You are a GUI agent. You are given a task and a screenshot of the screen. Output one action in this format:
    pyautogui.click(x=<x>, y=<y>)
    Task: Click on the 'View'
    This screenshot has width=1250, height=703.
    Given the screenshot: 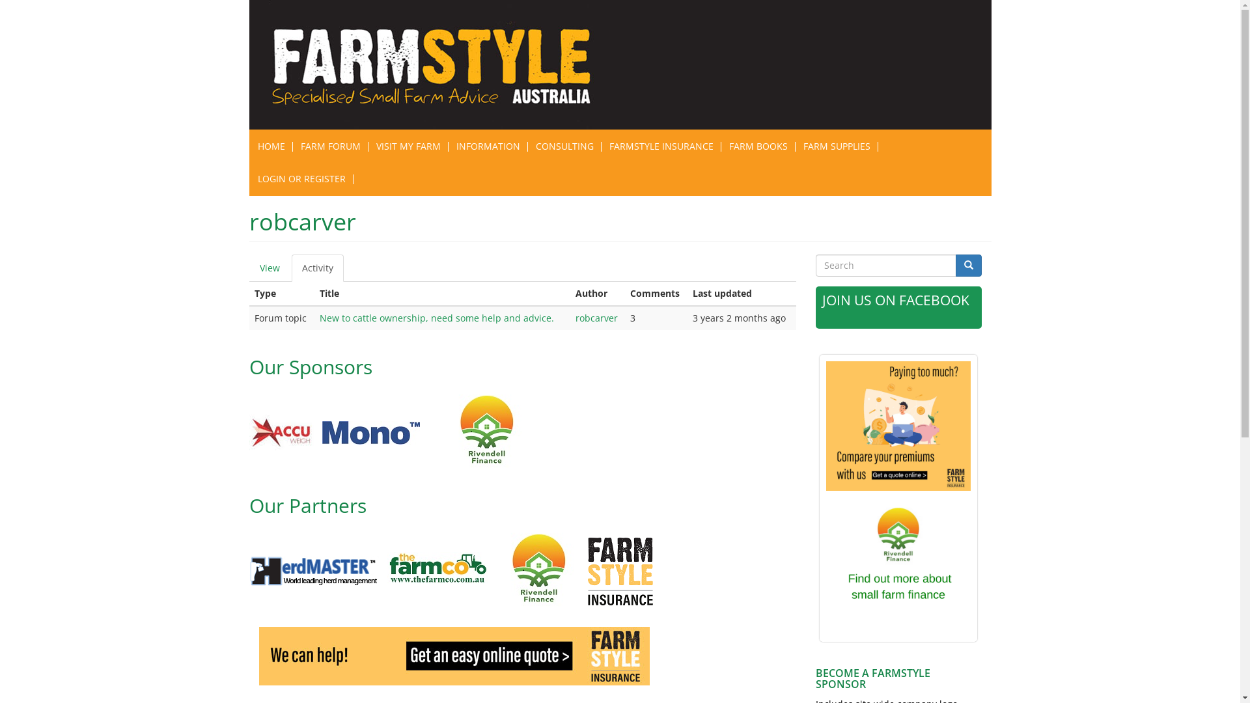 What is the action you would take?
    pyautogui.click(x=268, y=268)
    